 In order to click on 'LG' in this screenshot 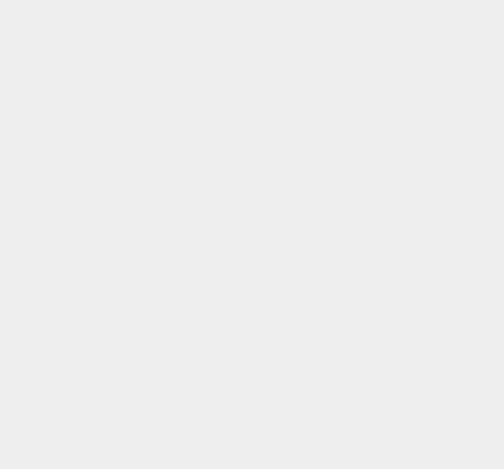, I will do `click(356, 85)`.